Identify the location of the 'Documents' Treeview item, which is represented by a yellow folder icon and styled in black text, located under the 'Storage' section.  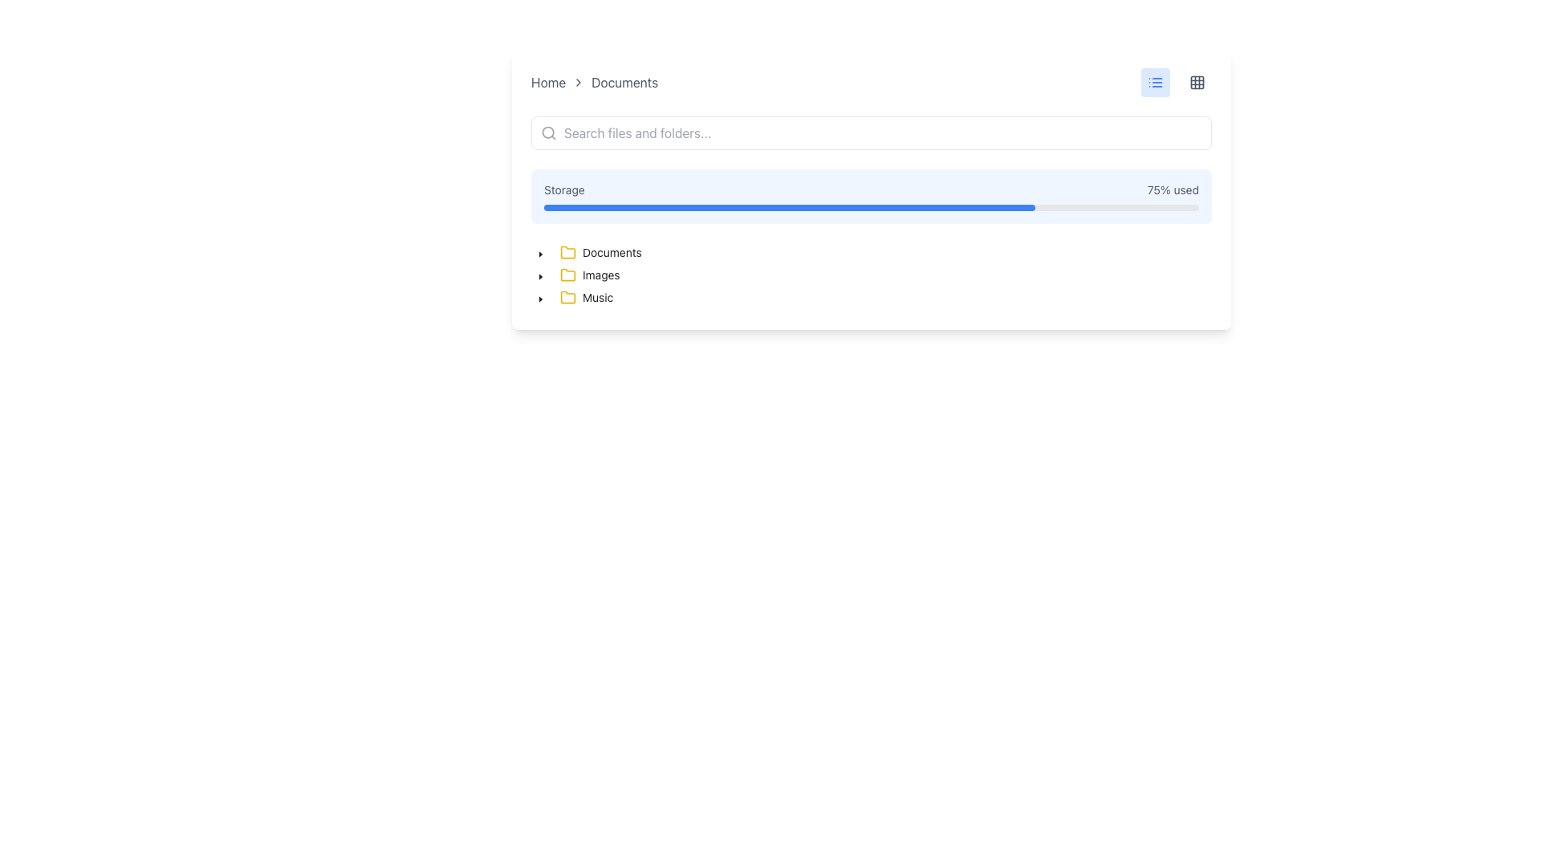
(600, 253).